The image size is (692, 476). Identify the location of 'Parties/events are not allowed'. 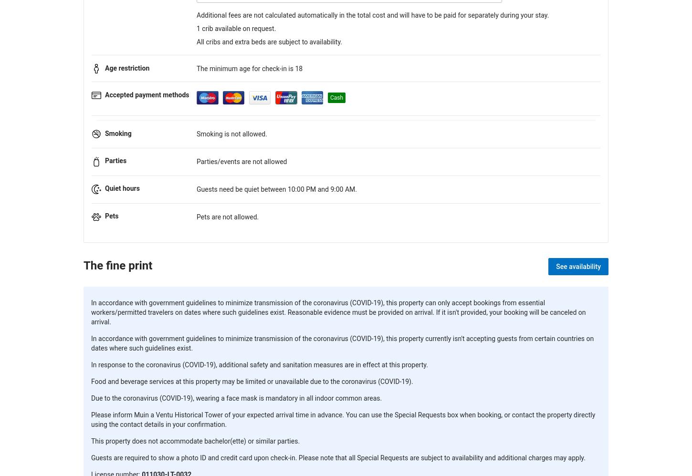
(241, 162).